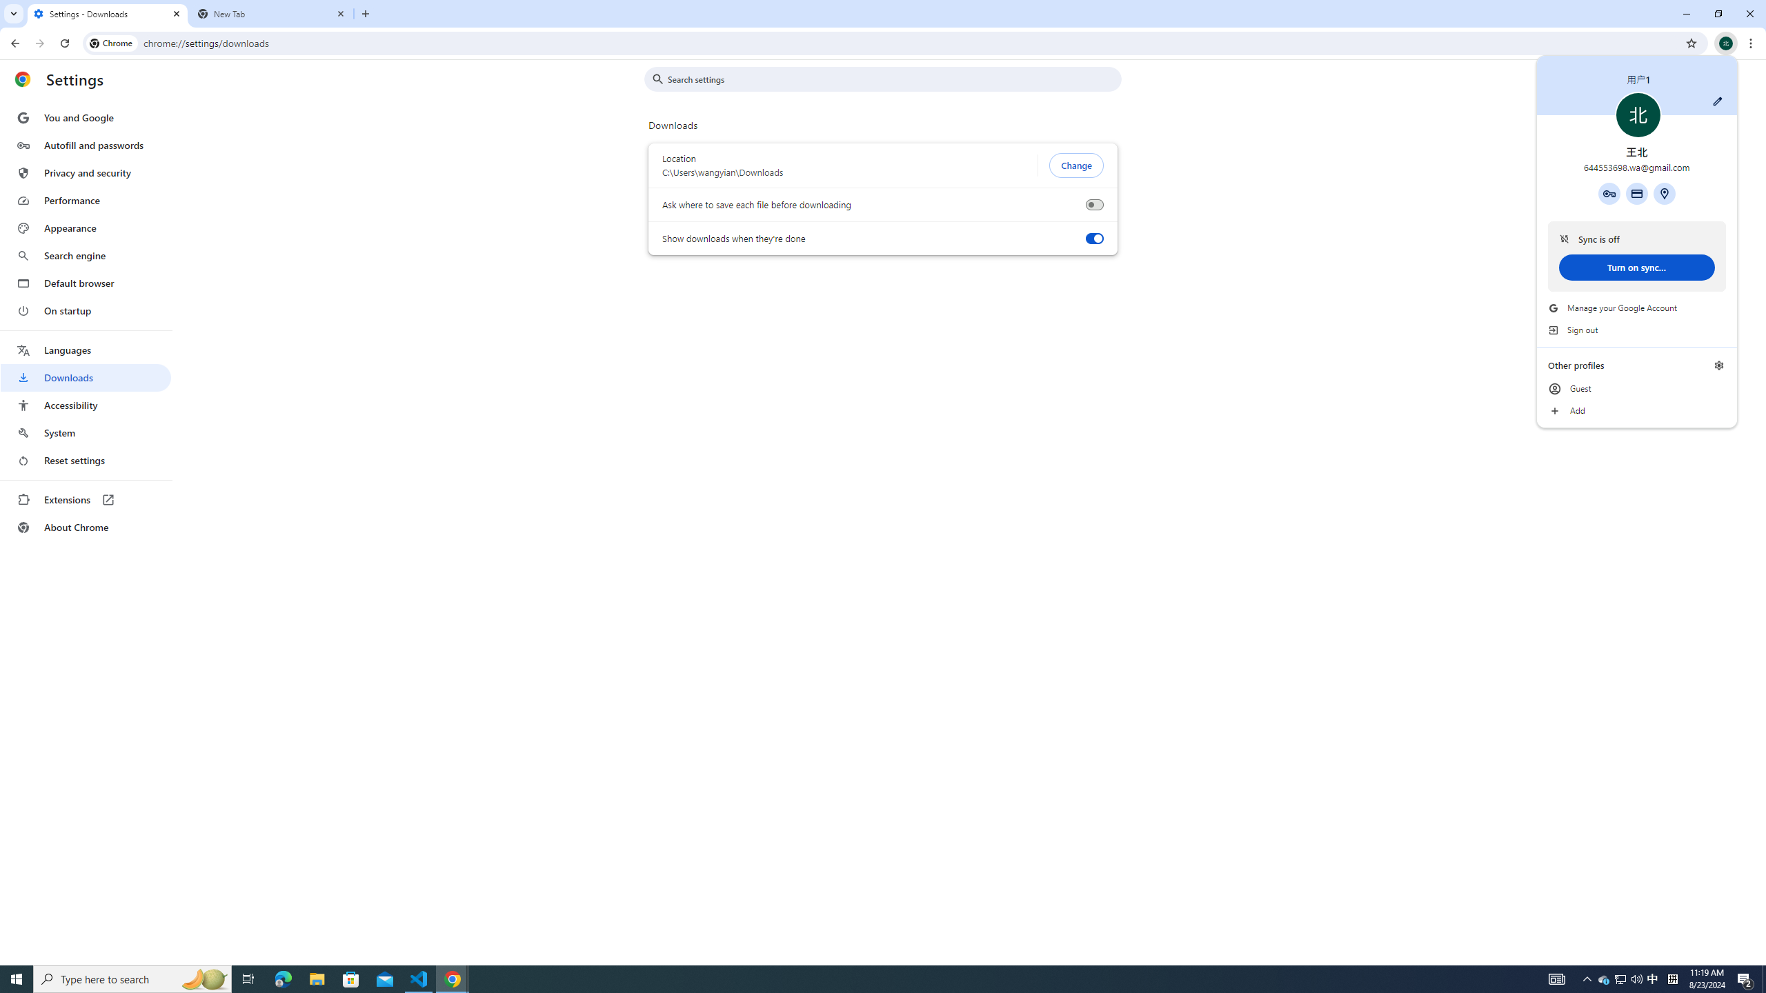 This screenshot has height=993, width=1766. Describe the element at coordinates (1093, 204) in the screenshot. I see `'Ask where to save each file before downloading'` at that location.